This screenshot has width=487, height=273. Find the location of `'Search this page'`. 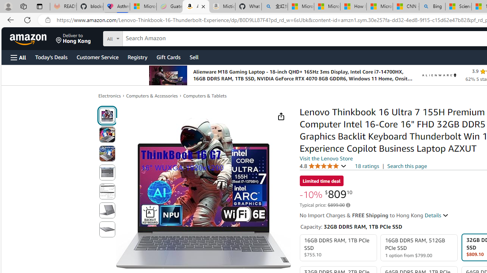

'Search this page' is located at coordinates (407, 165).